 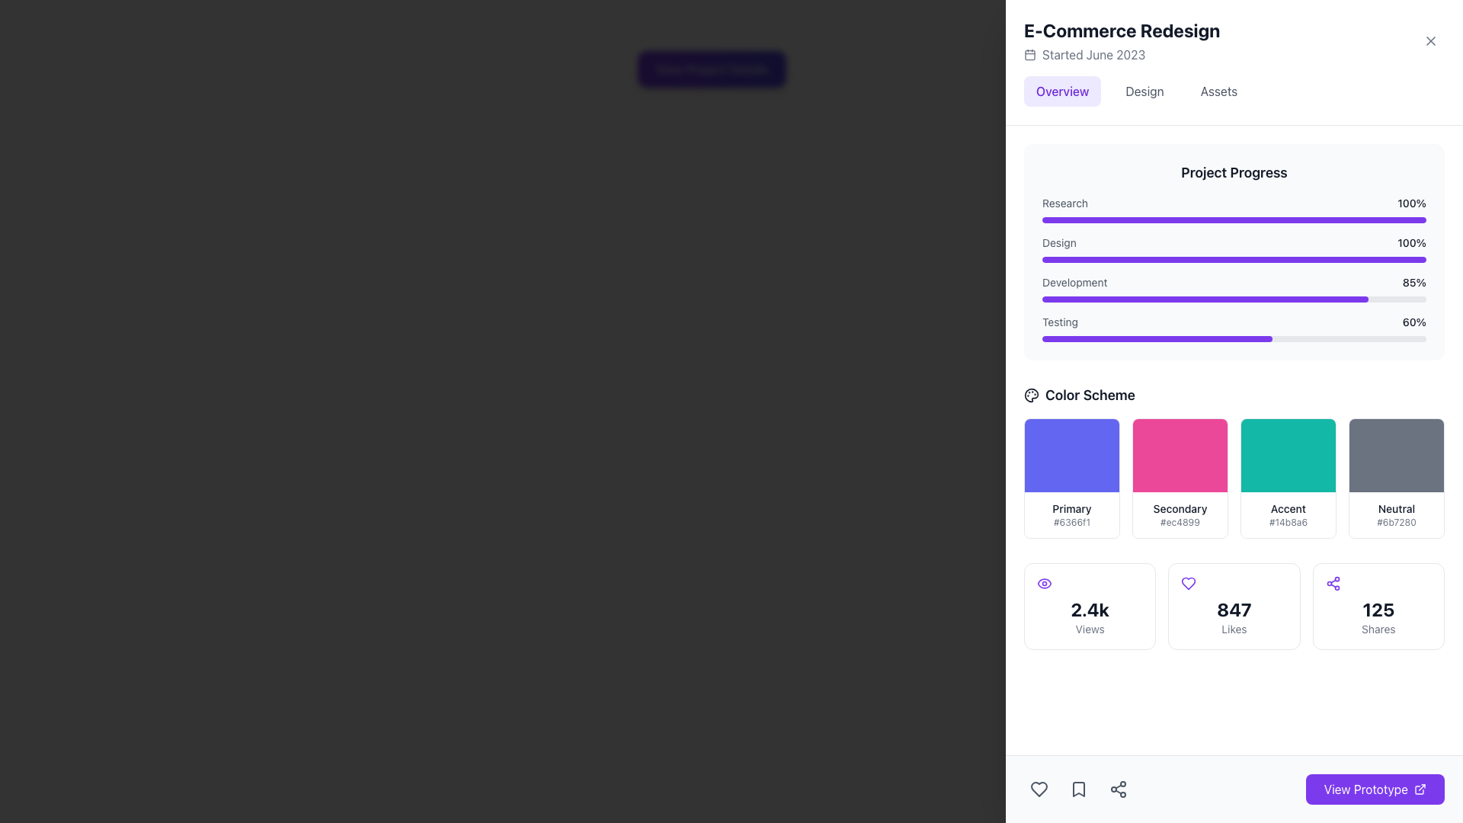 I want to click on the violet heart-shaped SVG icon located above the likes count '847' in the center column of the statistics section, so click(x=1188, y=583).